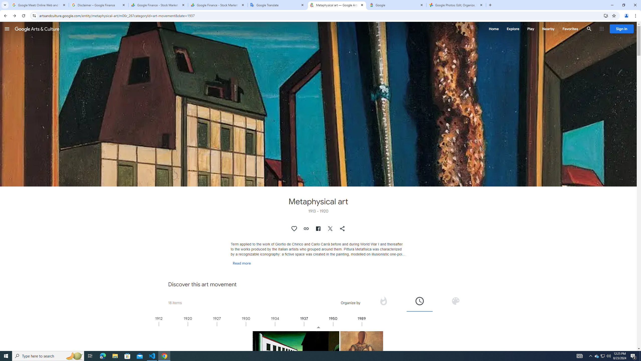 The image size is (641, 361). I want to click on 'Install Google Arts & Culture', so click(606, 15).